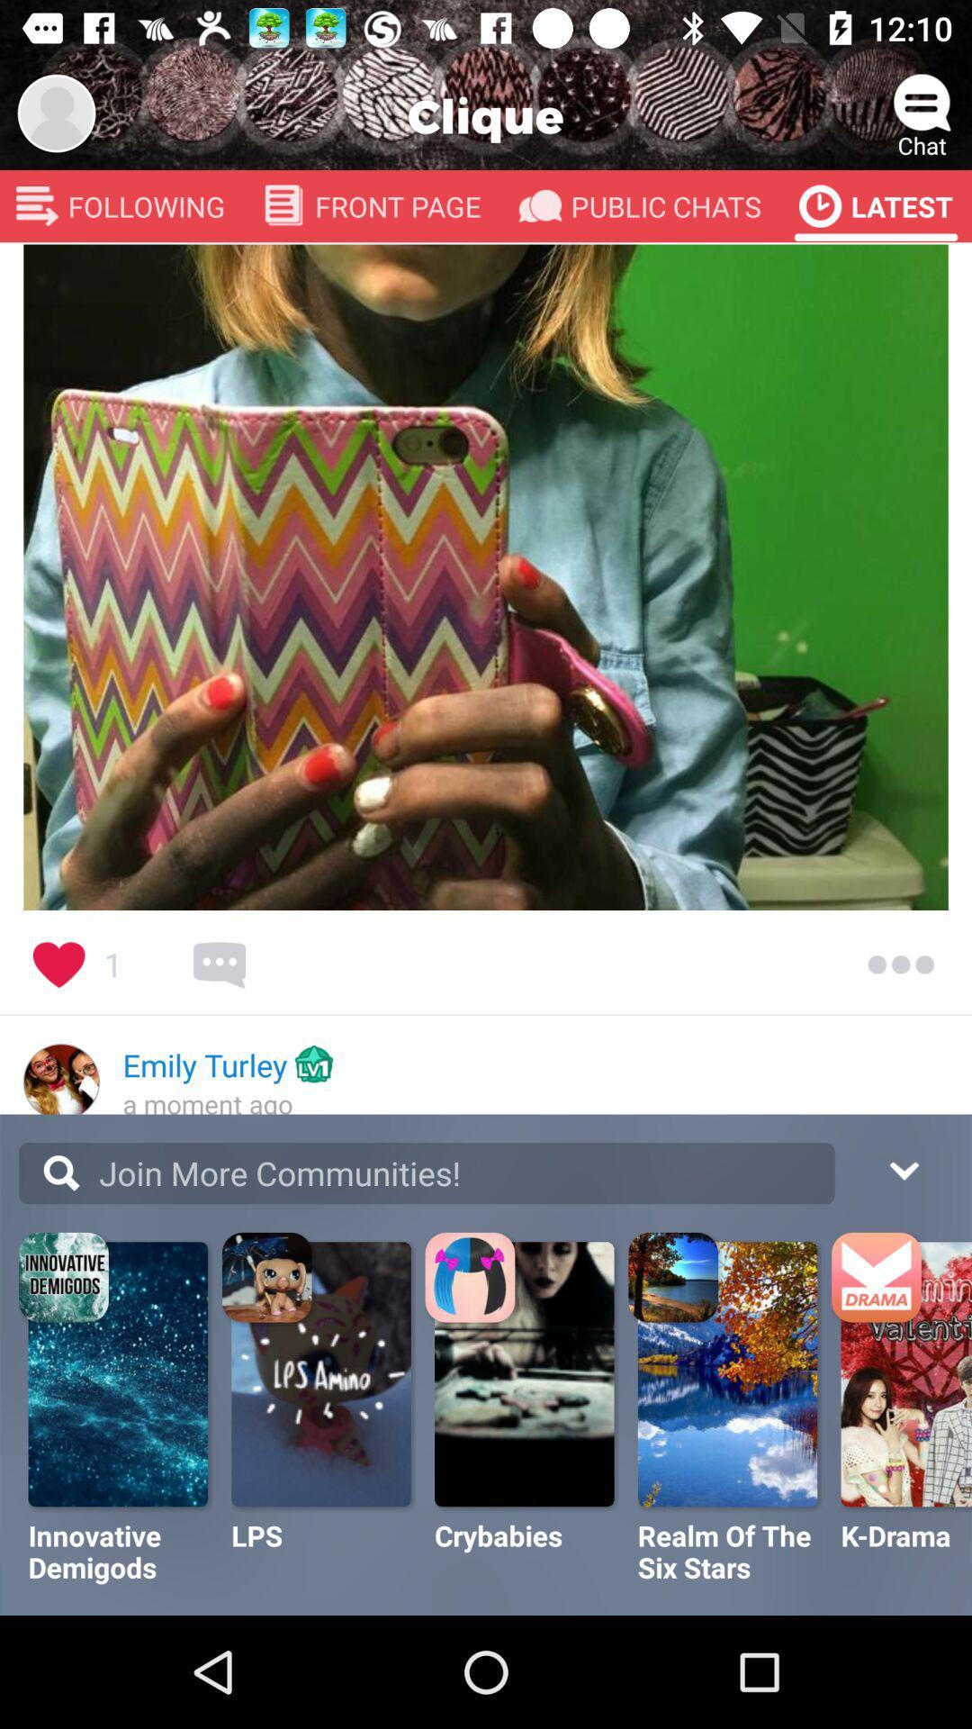  What do you see at coordinates (730, 1373) in the screenshot?
I see `the image which is above realm of the six stars option` at bounding box center [730, 1373].